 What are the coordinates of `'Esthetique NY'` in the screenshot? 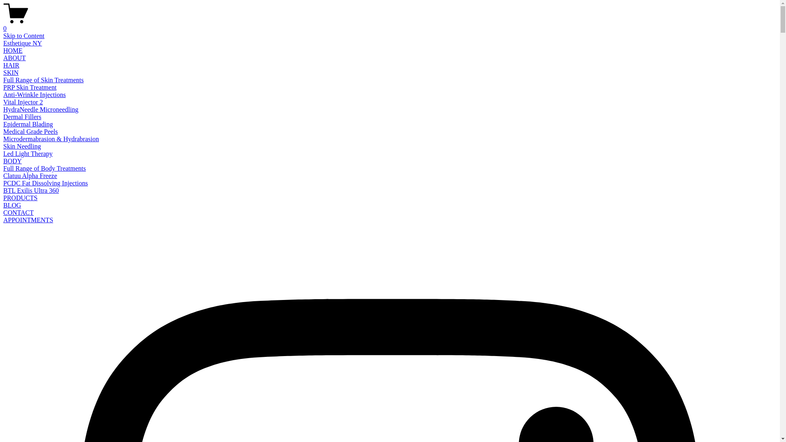 It's located at (23, 43).